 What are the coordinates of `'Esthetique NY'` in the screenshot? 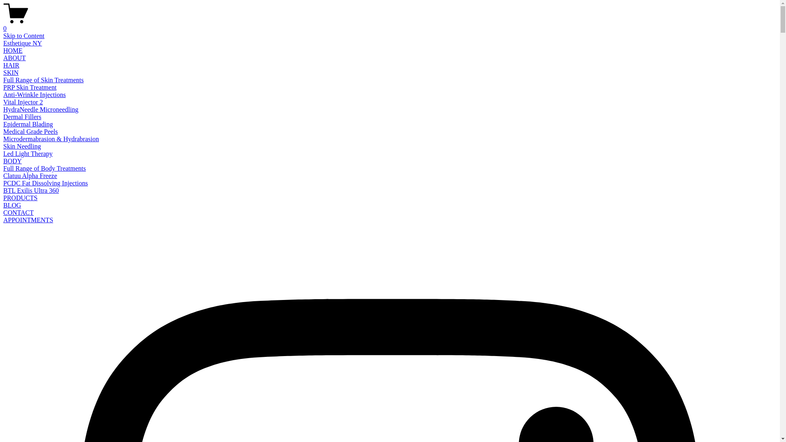 It's located at (23, 43).